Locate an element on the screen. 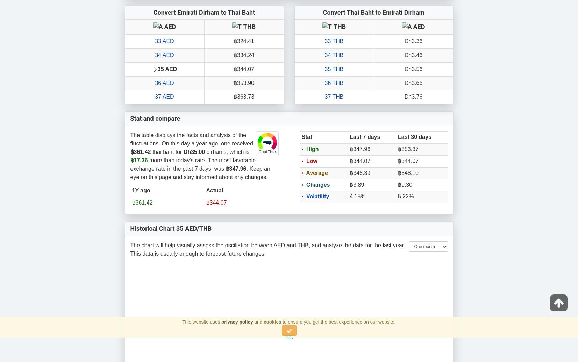 The image size is (578, 362). 'Good Time' is located at coordinates (266, 152).